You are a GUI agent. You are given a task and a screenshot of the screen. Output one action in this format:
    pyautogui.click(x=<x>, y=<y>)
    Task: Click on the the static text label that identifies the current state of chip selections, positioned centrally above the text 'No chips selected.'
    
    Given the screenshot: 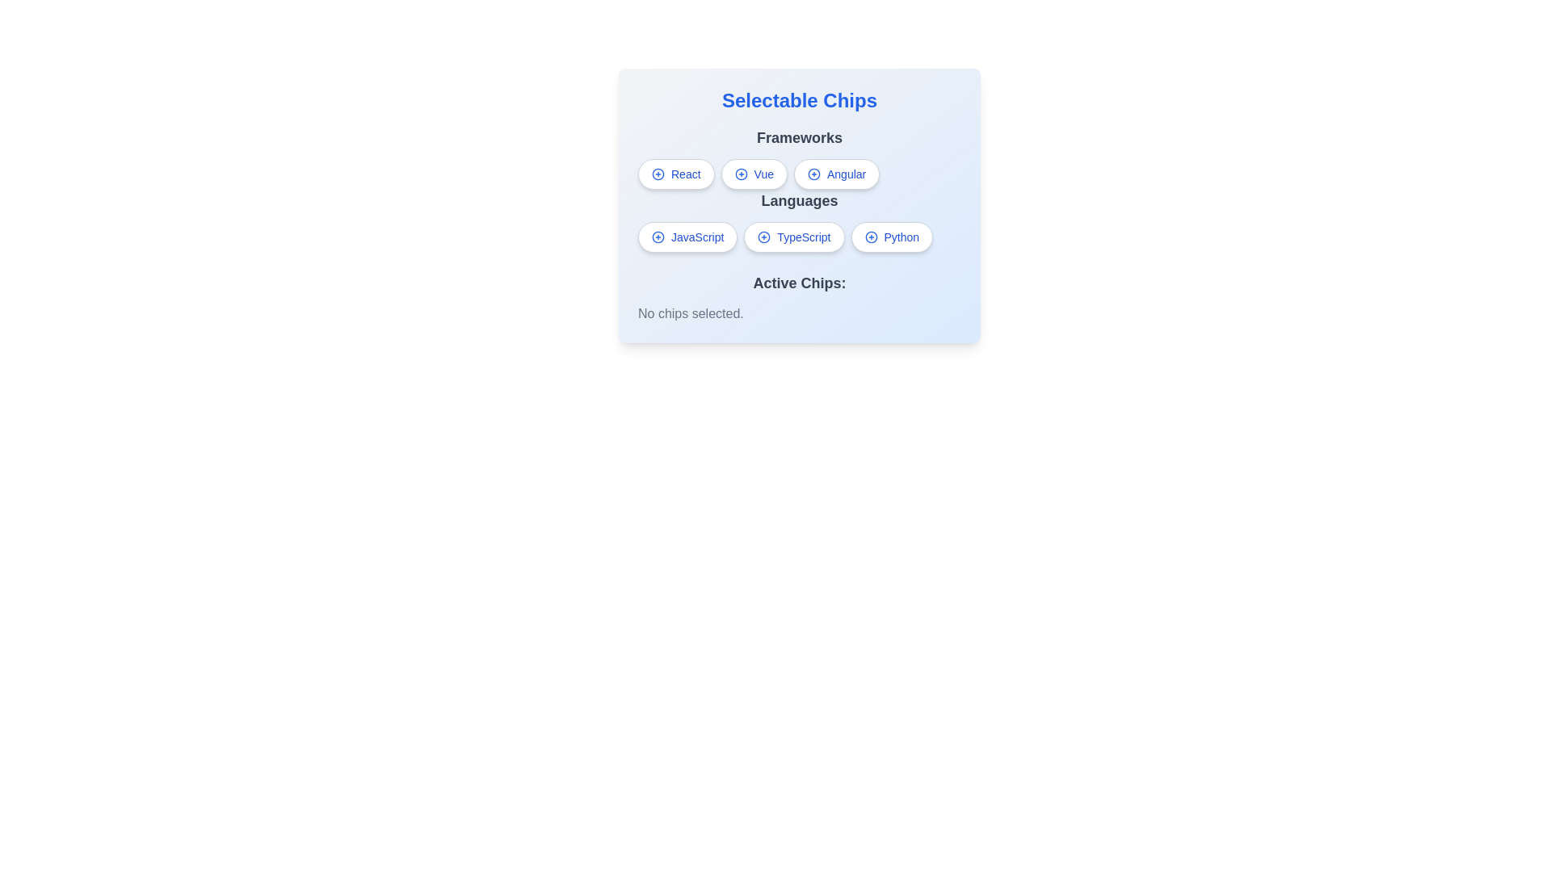 What is the action you would take?
    pyautogui.click(x=799, y=283)
    